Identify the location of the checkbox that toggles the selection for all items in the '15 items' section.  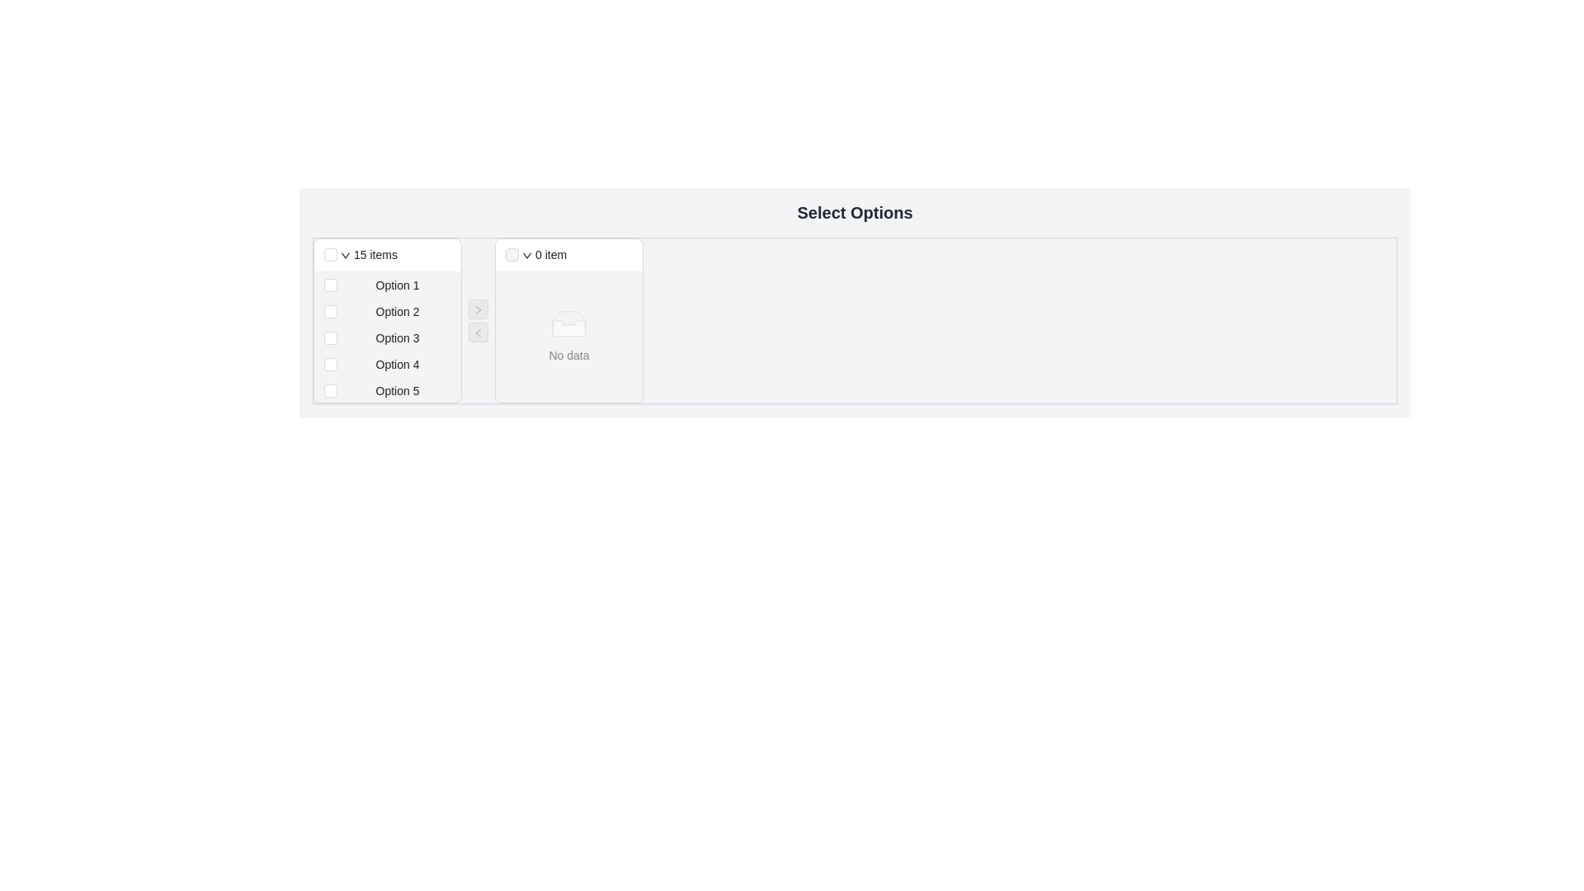
(330, 254).